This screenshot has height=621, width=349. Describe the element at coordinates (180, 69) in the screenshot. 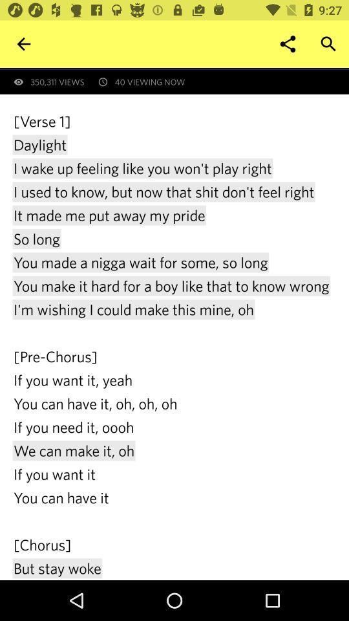

I see `the first revealed at` at that location.